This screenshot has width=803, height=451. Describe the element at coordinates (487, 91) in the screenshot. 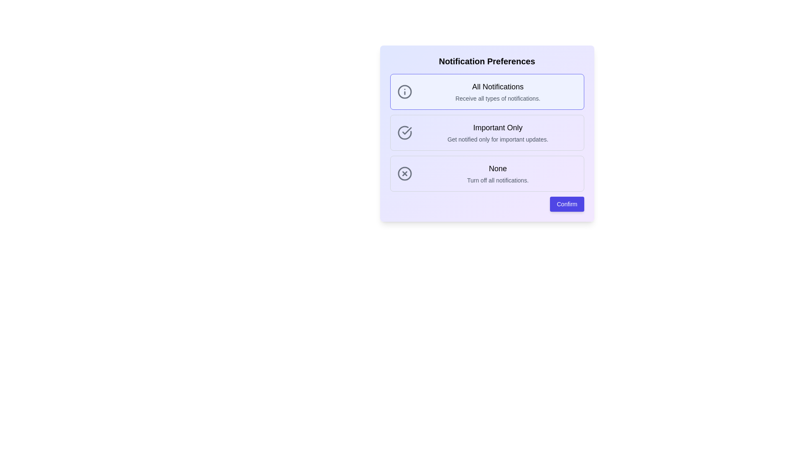

I see `the 'All Notifications' selectable option with a blue-tinted border and descriptive text` at that location.